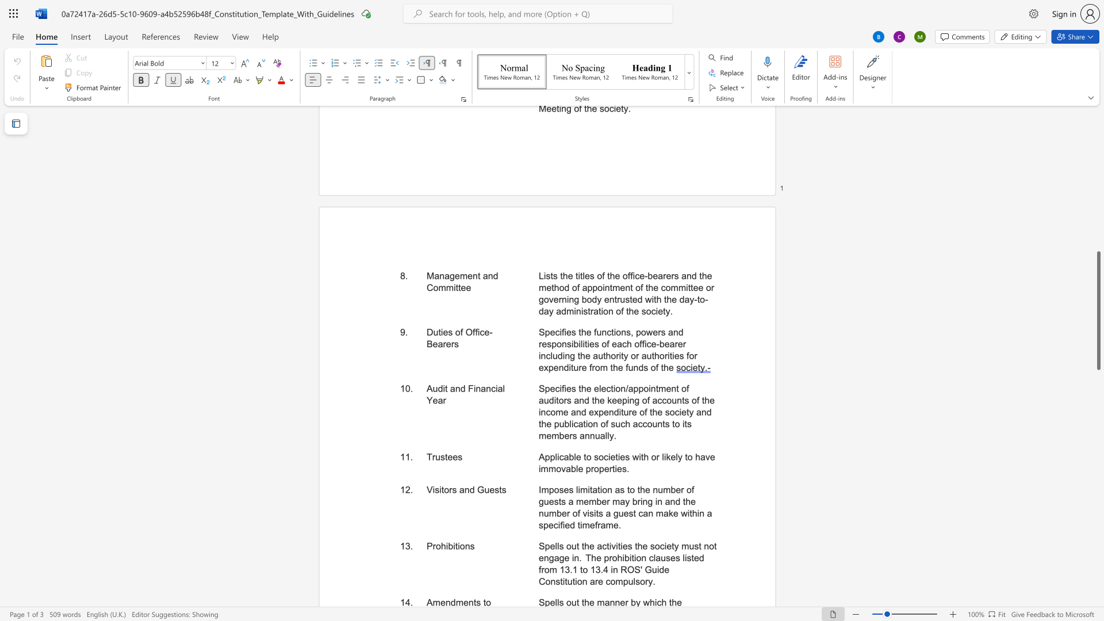 The image size is (1104, 621). I want to click on the scrollbar to scroll upward, so click(1098, 259).